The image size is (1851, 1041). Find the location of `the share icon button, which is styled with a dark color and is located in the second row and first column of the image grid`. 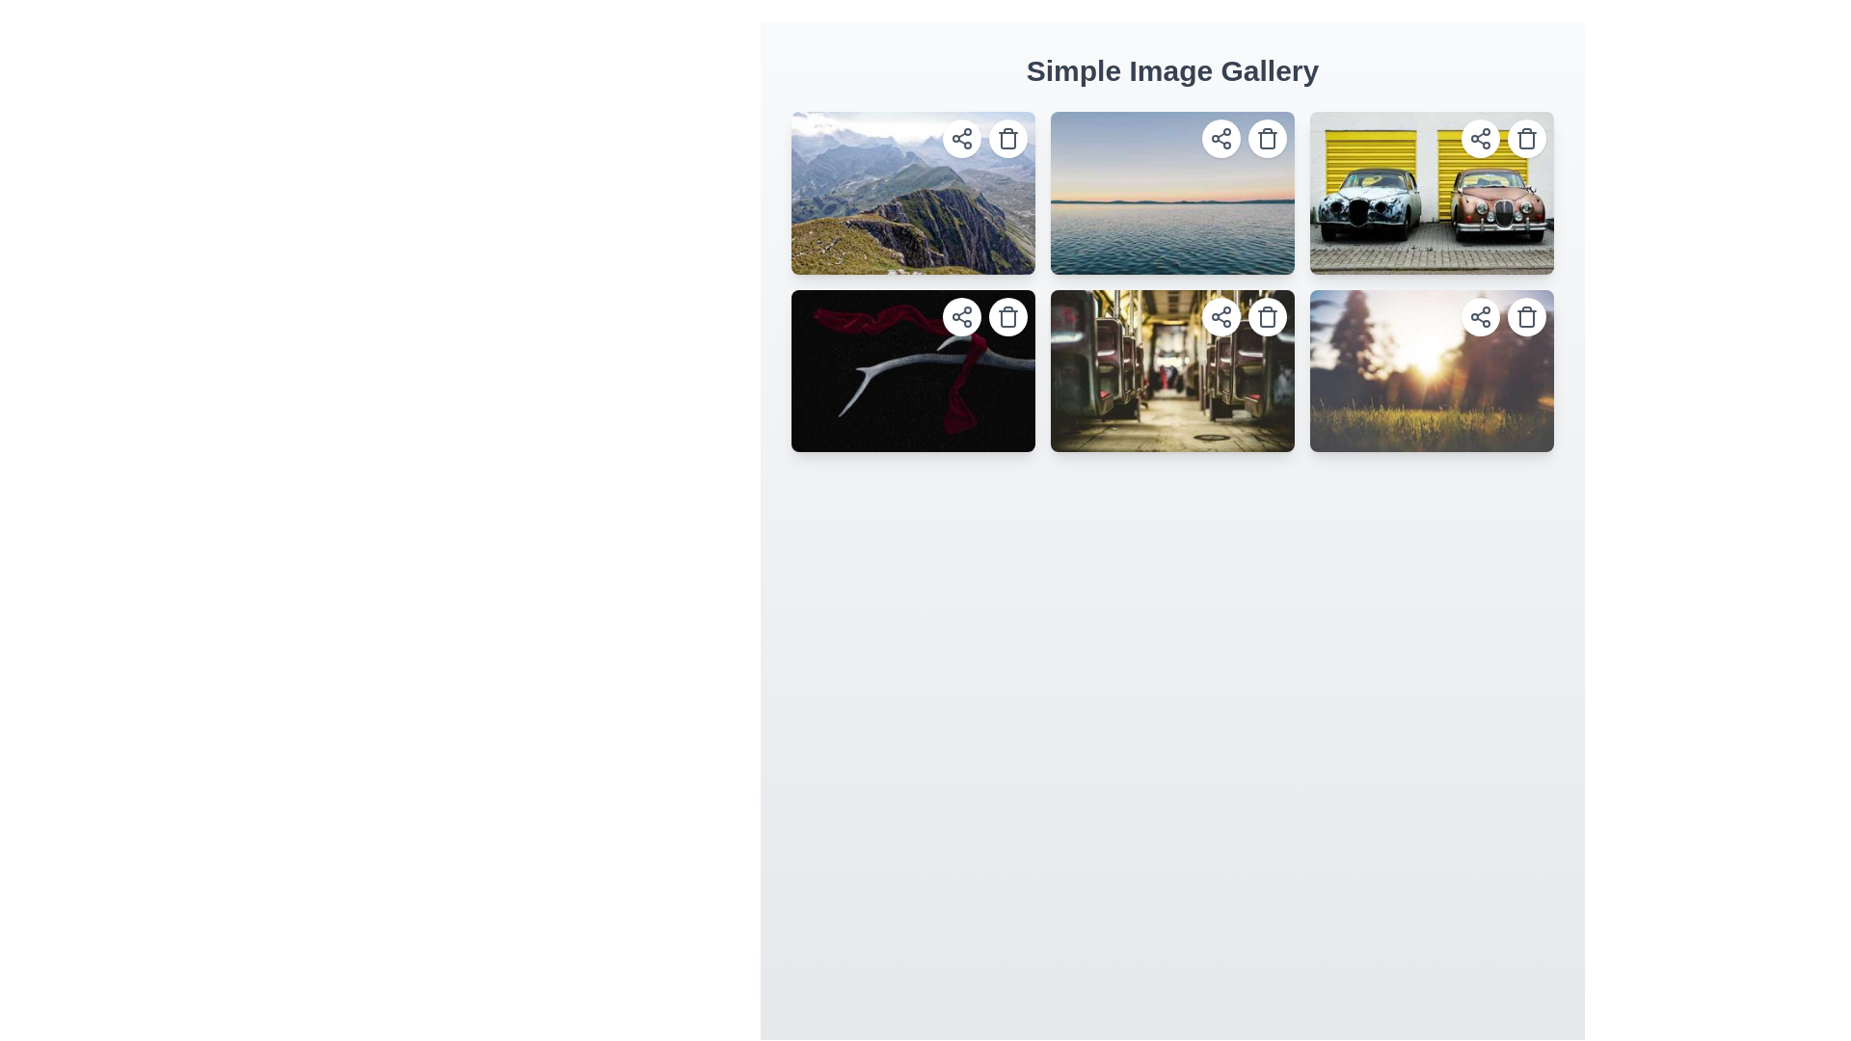

the share icon button, which is styled with a dark color and is located in the second row and first column of the image grid is located at coordinates (962, 314).